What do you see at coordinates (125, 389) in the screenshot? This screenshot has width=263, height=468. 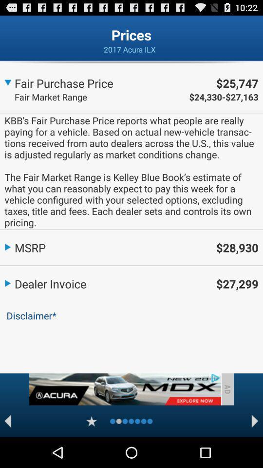 I see `open advertisement` at bounding box center [125, 389].